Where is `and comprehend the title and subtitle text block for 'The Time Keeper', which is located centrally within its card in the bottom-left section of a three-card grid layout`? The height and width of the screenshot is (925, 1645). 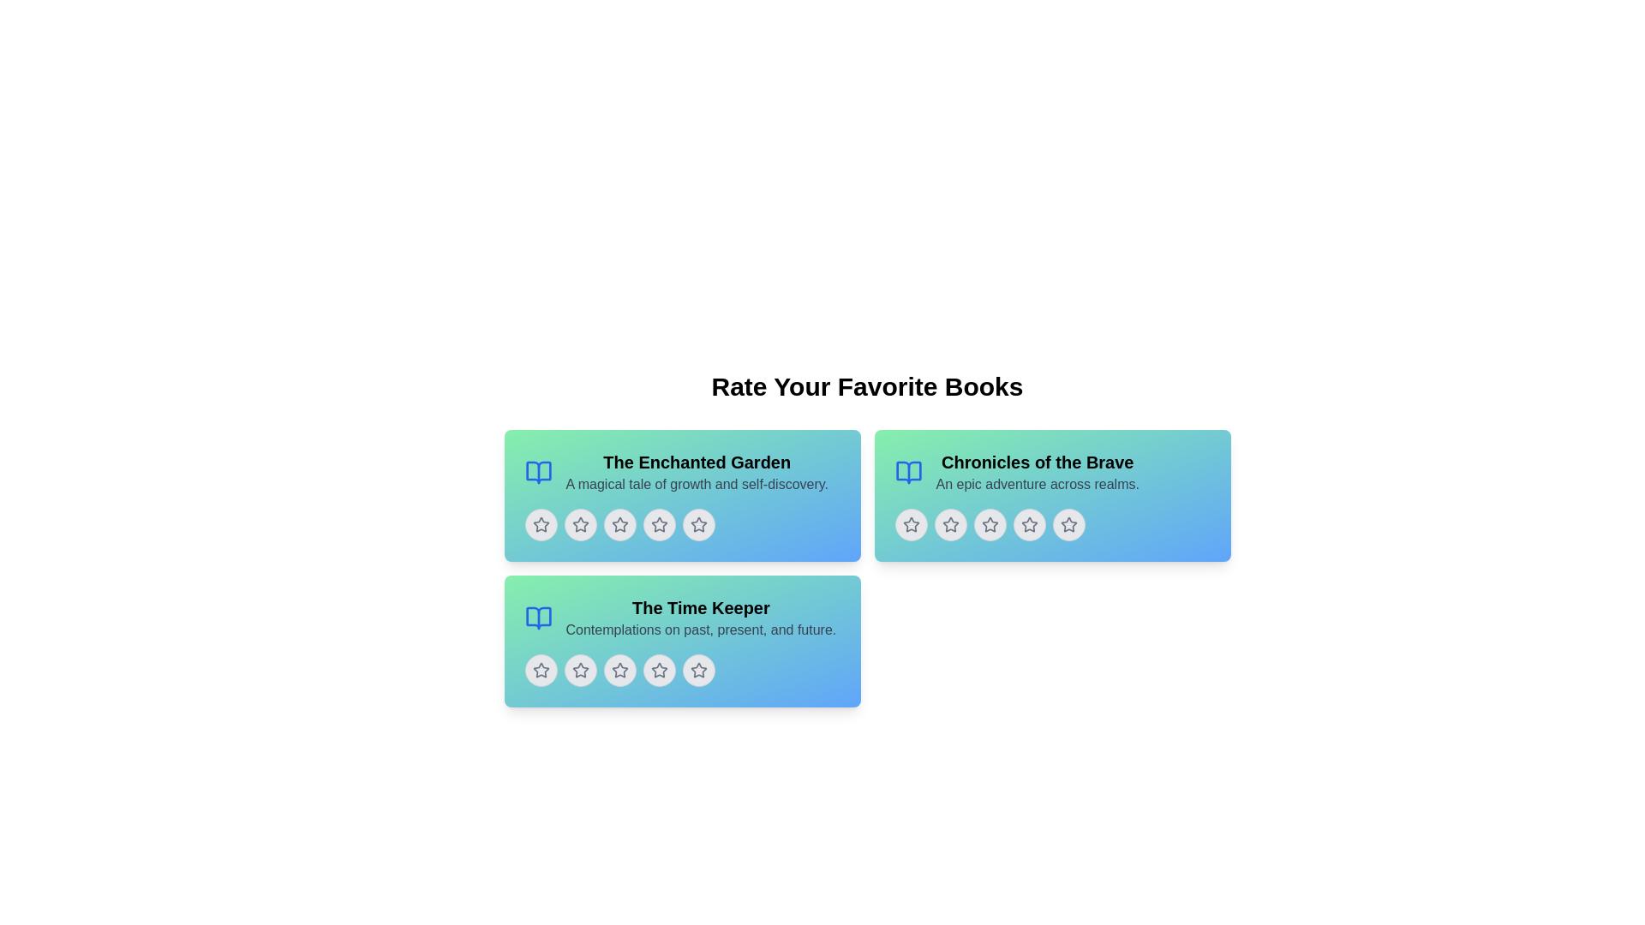 and comprehend the title and subtitle text block for 'The Time Keeper', which is located centrally within its card in the bottom-left section of a three-card grid layout is located at coordinates (701, 618).